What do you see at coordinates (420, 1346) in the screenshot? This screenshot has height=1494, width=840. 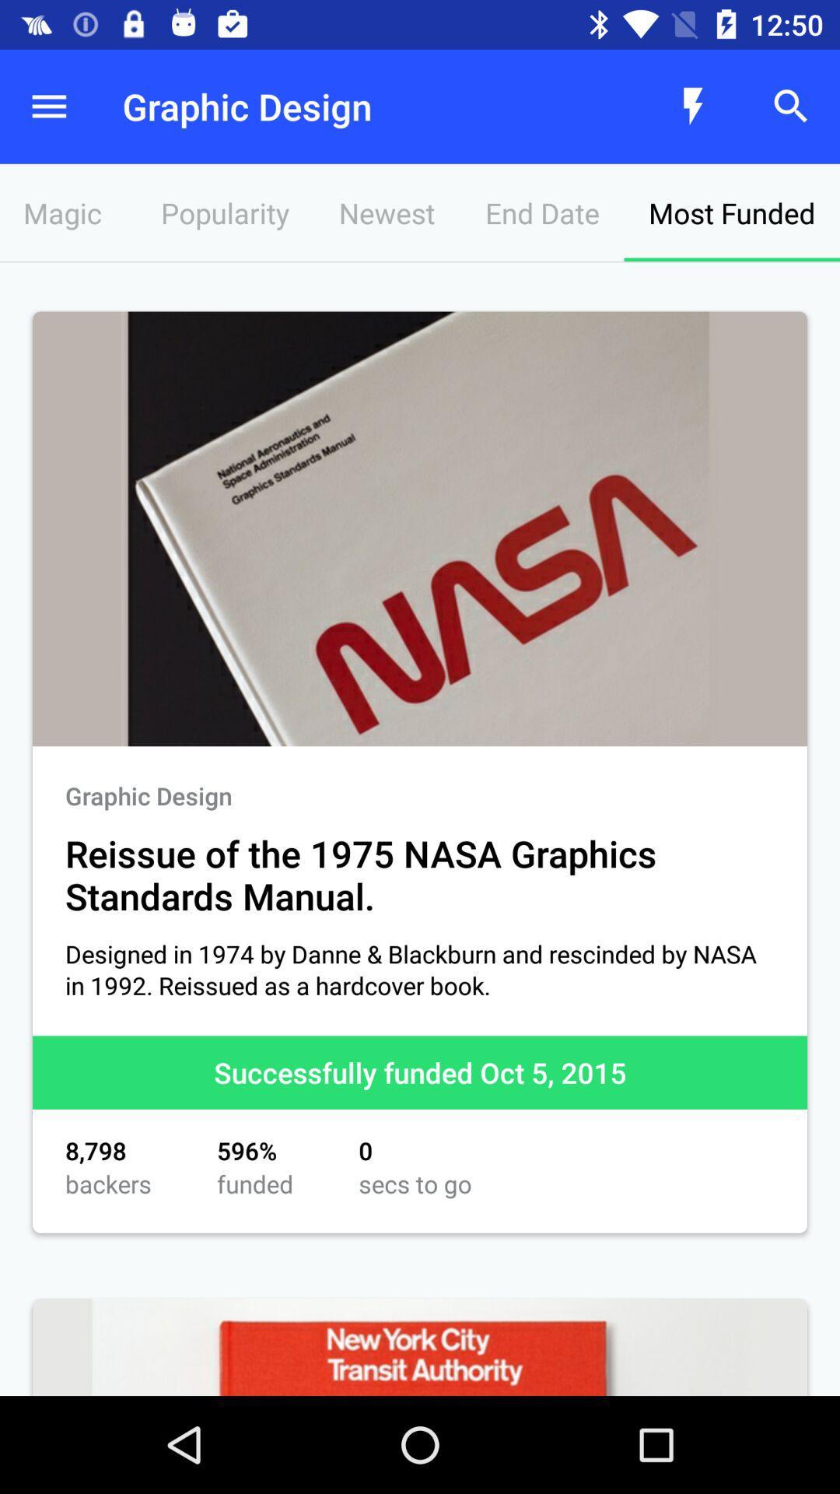 I see `new york city transit authority` at bounding box center [420, 1346].